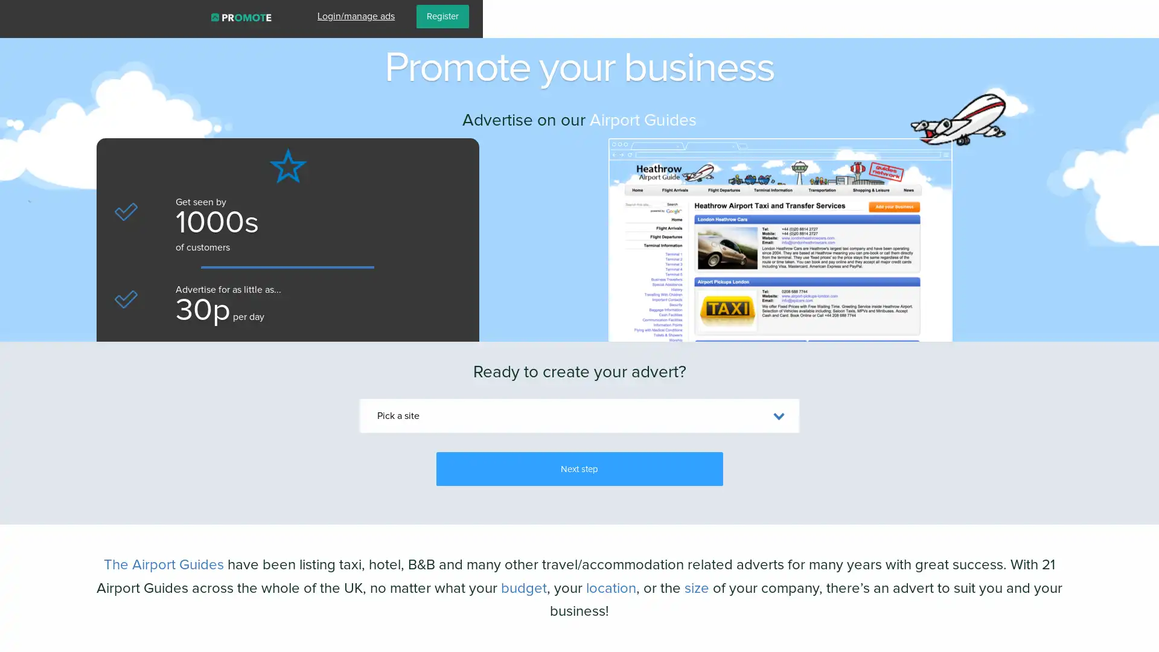 The height and width of the screenshot is (652, 1159). Describe the element at coordinates (1118, 16) in the screenshot. I see `Register` at that location.